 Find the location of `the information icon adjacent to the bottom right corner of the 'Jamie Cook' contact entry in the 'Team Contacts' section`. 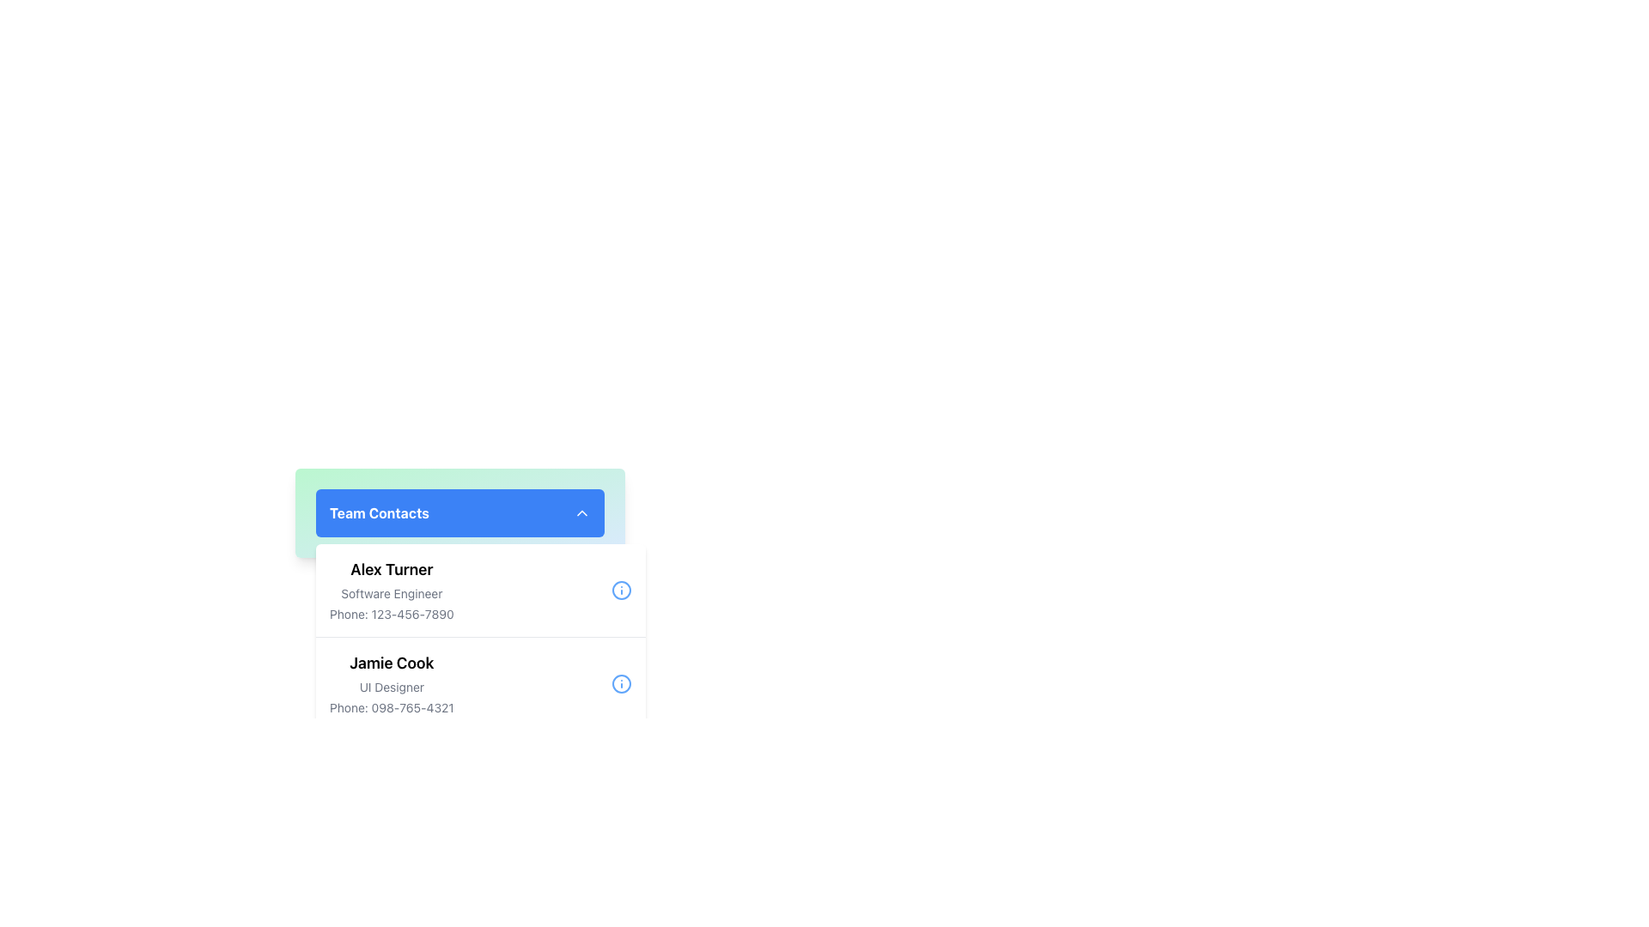

the information icon adjacent to the bottom right corner of the 'Jamie Cook' contact entry in the 'Team Contacts' section is located at coordinates (621, 683).